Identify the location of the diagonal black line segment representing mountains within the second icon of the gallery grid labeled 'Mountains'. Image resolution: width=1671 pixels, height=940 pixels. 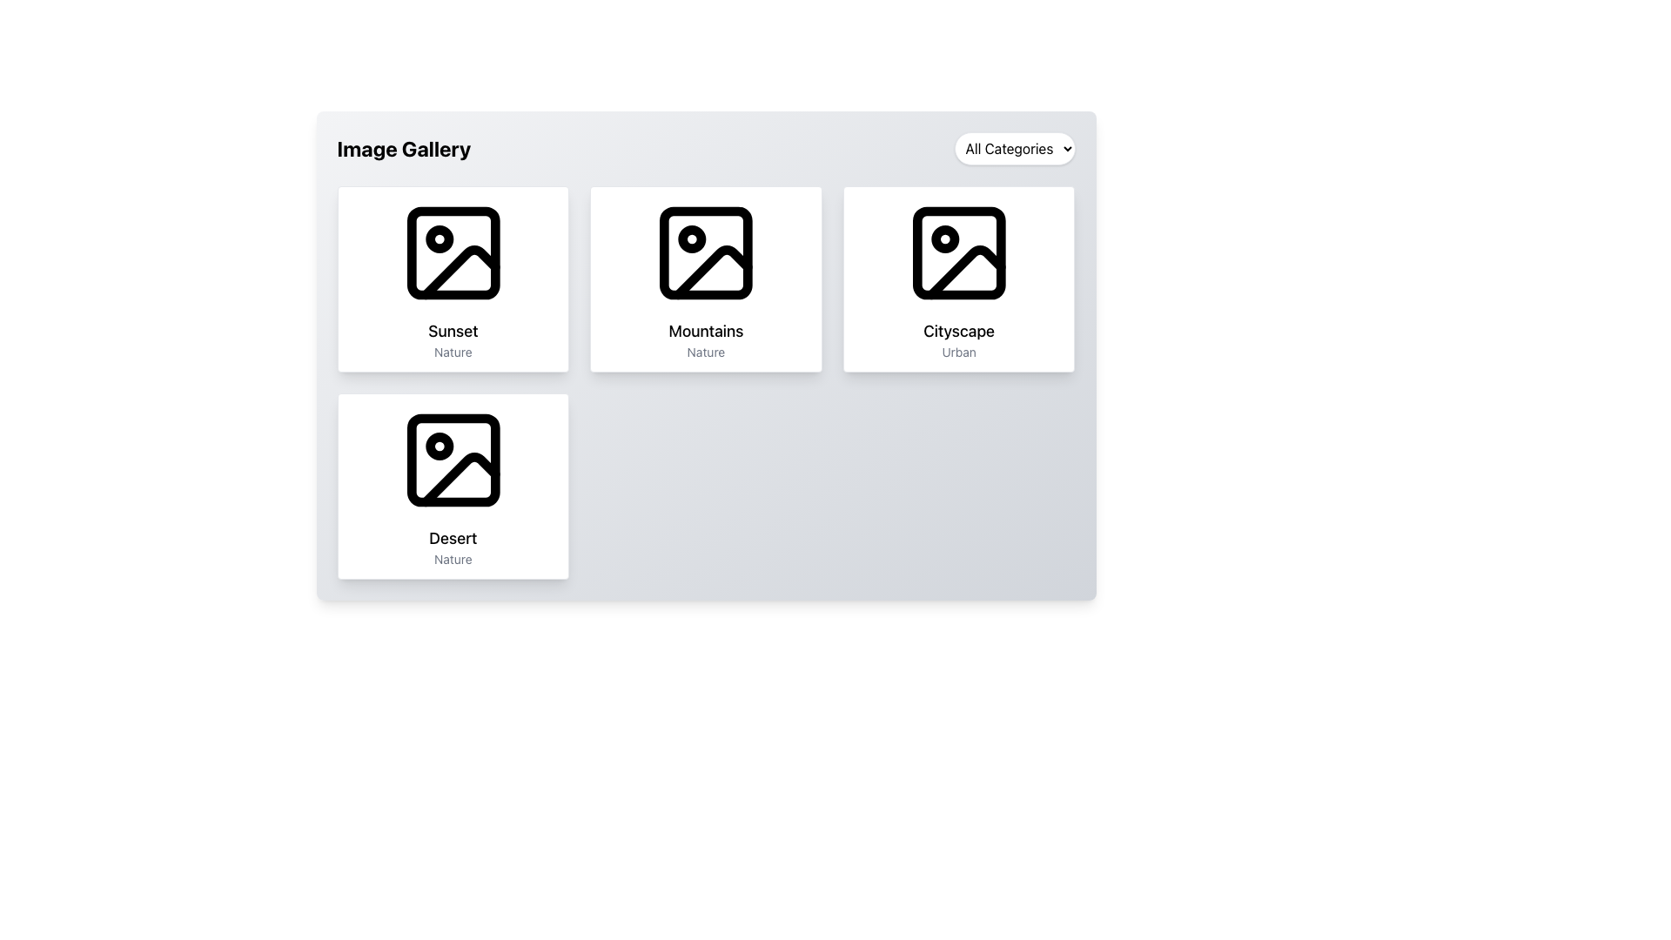
(713, 272).